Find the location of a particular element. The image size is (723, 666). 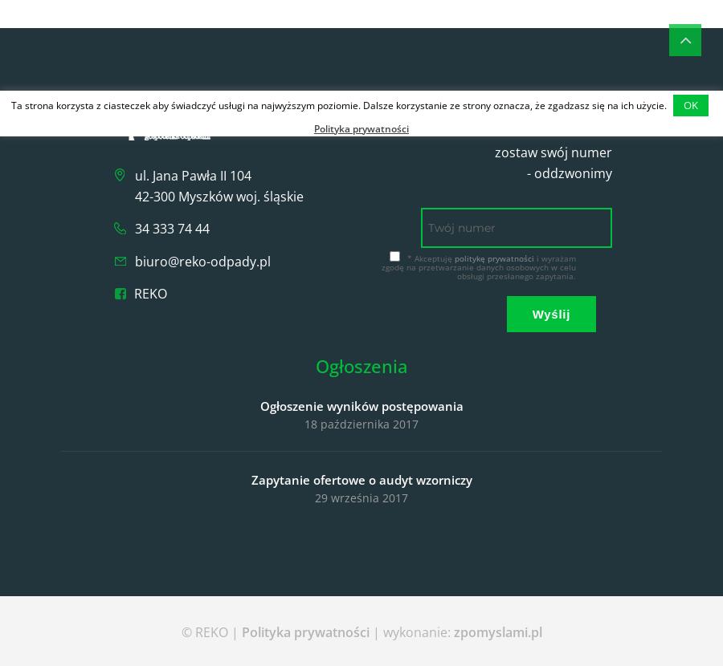

'ul. Jana Pawła II 104' is located at coordinates (192, 175).